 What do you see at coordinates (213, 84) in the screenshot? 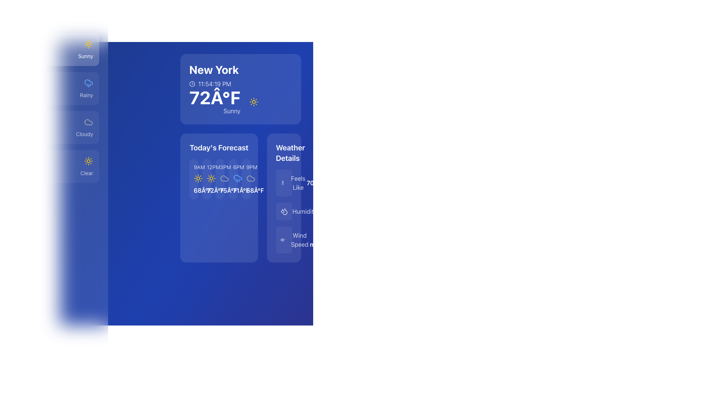
I see `the static text label displaying the current time, which is styled with a white semi-transparent font and located beneath the 'New York' text` at bounding box center [213, 84].